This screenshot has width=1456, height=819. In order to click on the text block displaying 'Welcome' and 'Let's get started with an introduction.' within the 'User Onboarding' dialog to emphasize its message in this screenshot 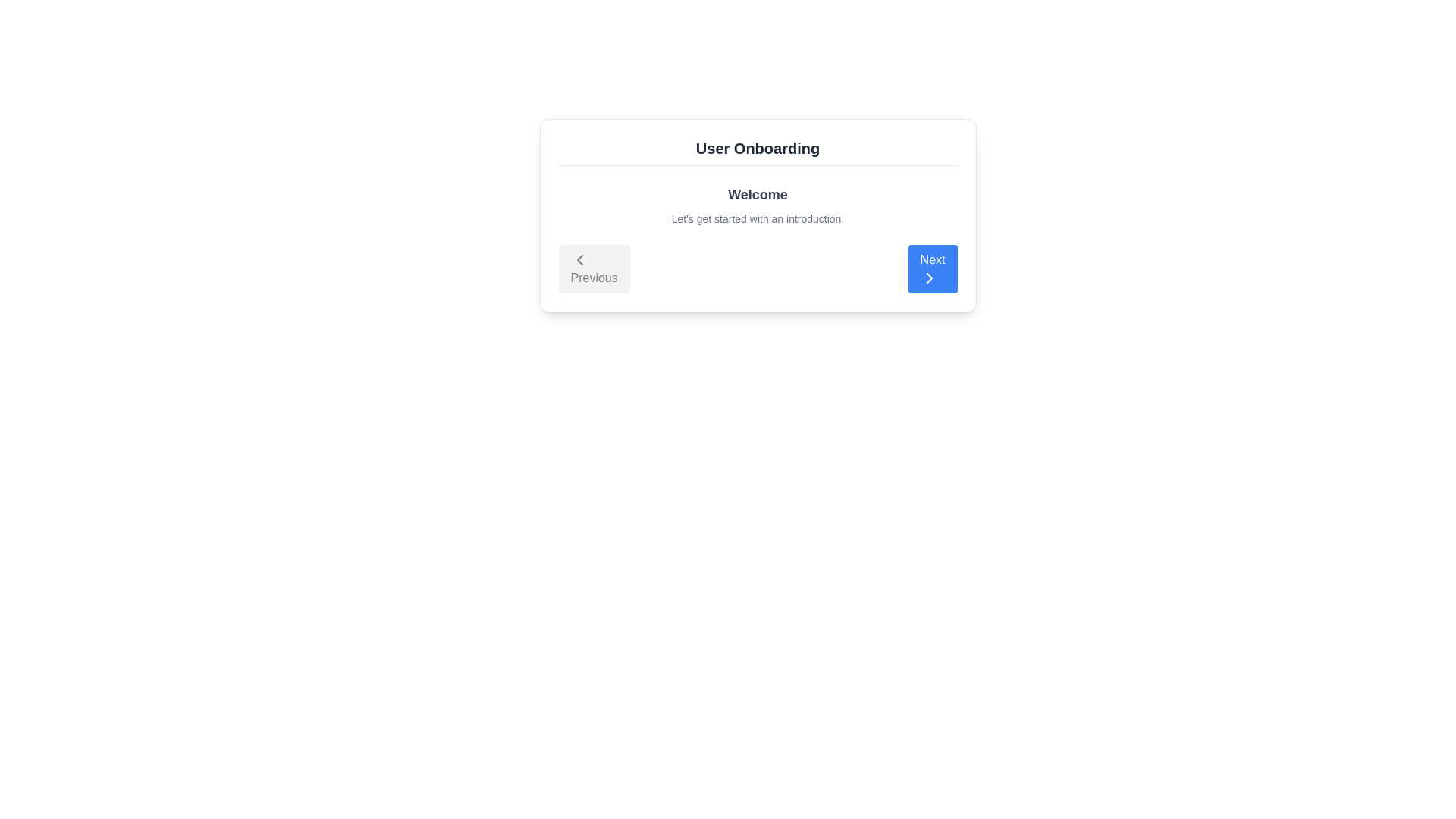, I will do `click(758, 205)`.